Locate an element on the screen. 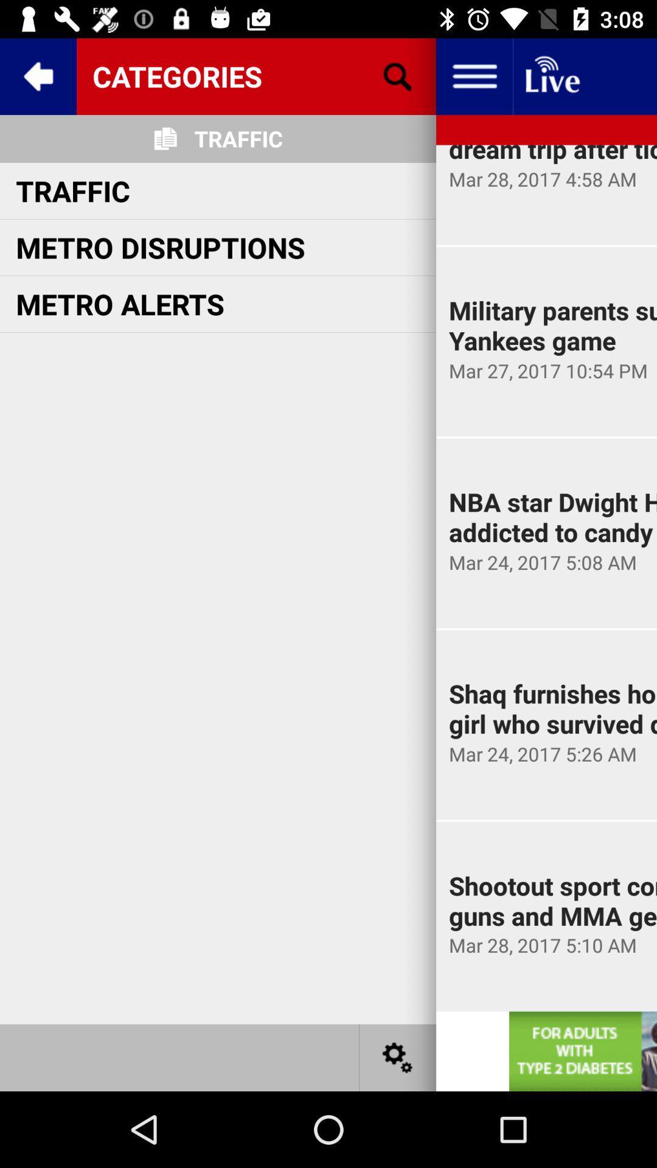 This screenshot has height=1168, width=657. the search icon is located at coordinates (398, 75).